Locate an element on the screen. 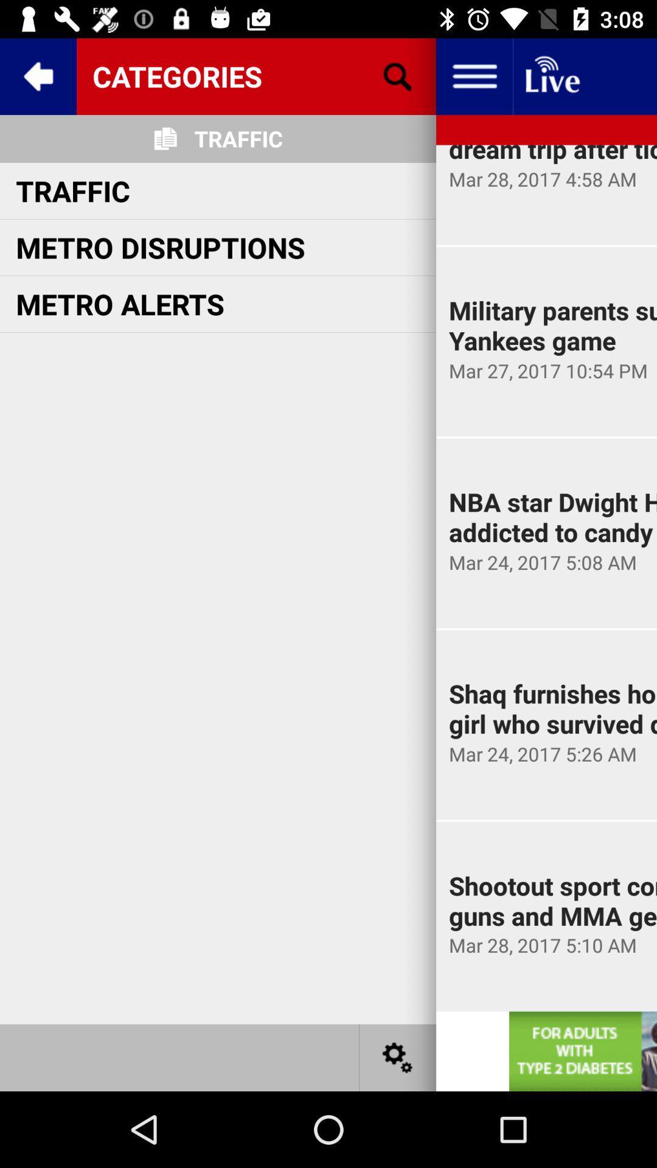 This screenshot has height=1168, width=657. the search icon is located at coordinates (398, 75).